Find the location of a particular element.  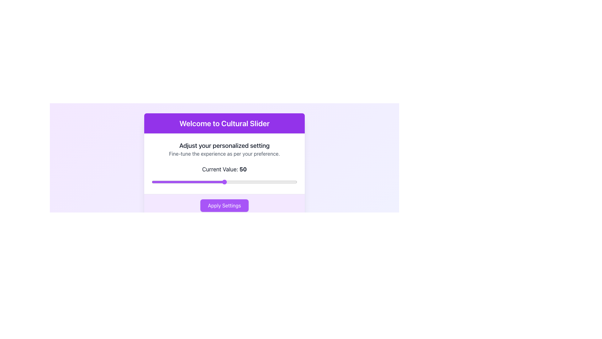

the slider is located at coordinates (195, 182).